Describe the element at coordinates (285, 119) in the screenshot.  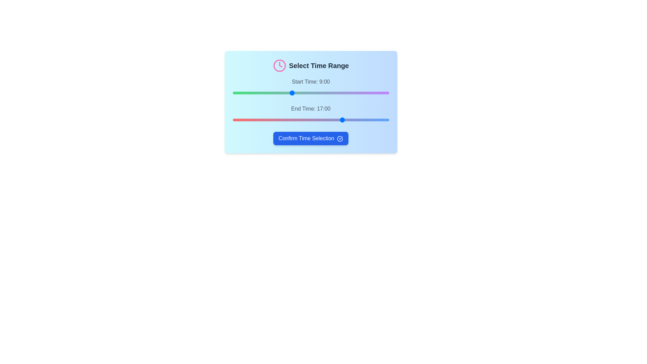
I see `the end time slider to 8 hours` at that location.